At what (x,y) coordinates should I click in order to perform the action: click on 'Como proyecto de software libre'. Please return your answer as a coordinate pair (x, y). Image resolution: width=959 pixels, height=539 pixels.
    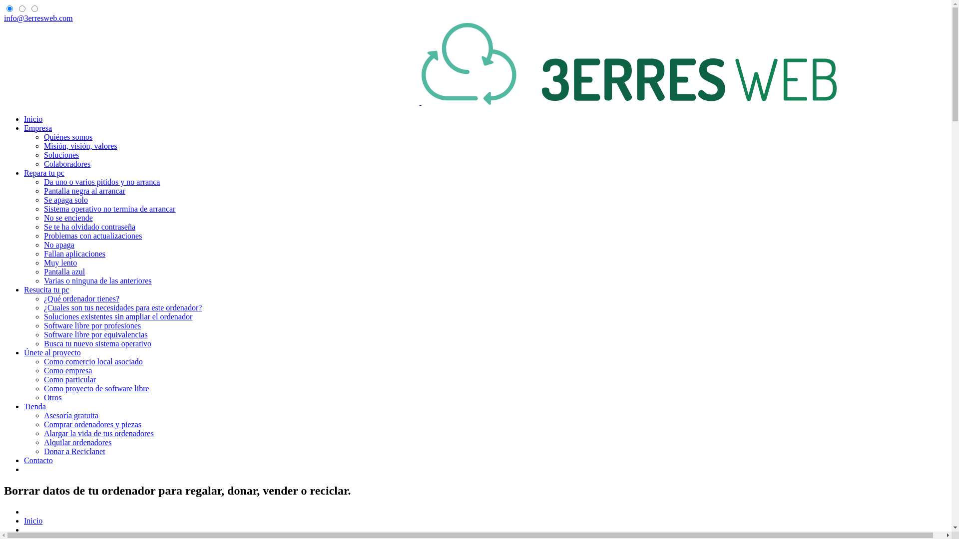
    Looking at the image, I should click on (96, 388).